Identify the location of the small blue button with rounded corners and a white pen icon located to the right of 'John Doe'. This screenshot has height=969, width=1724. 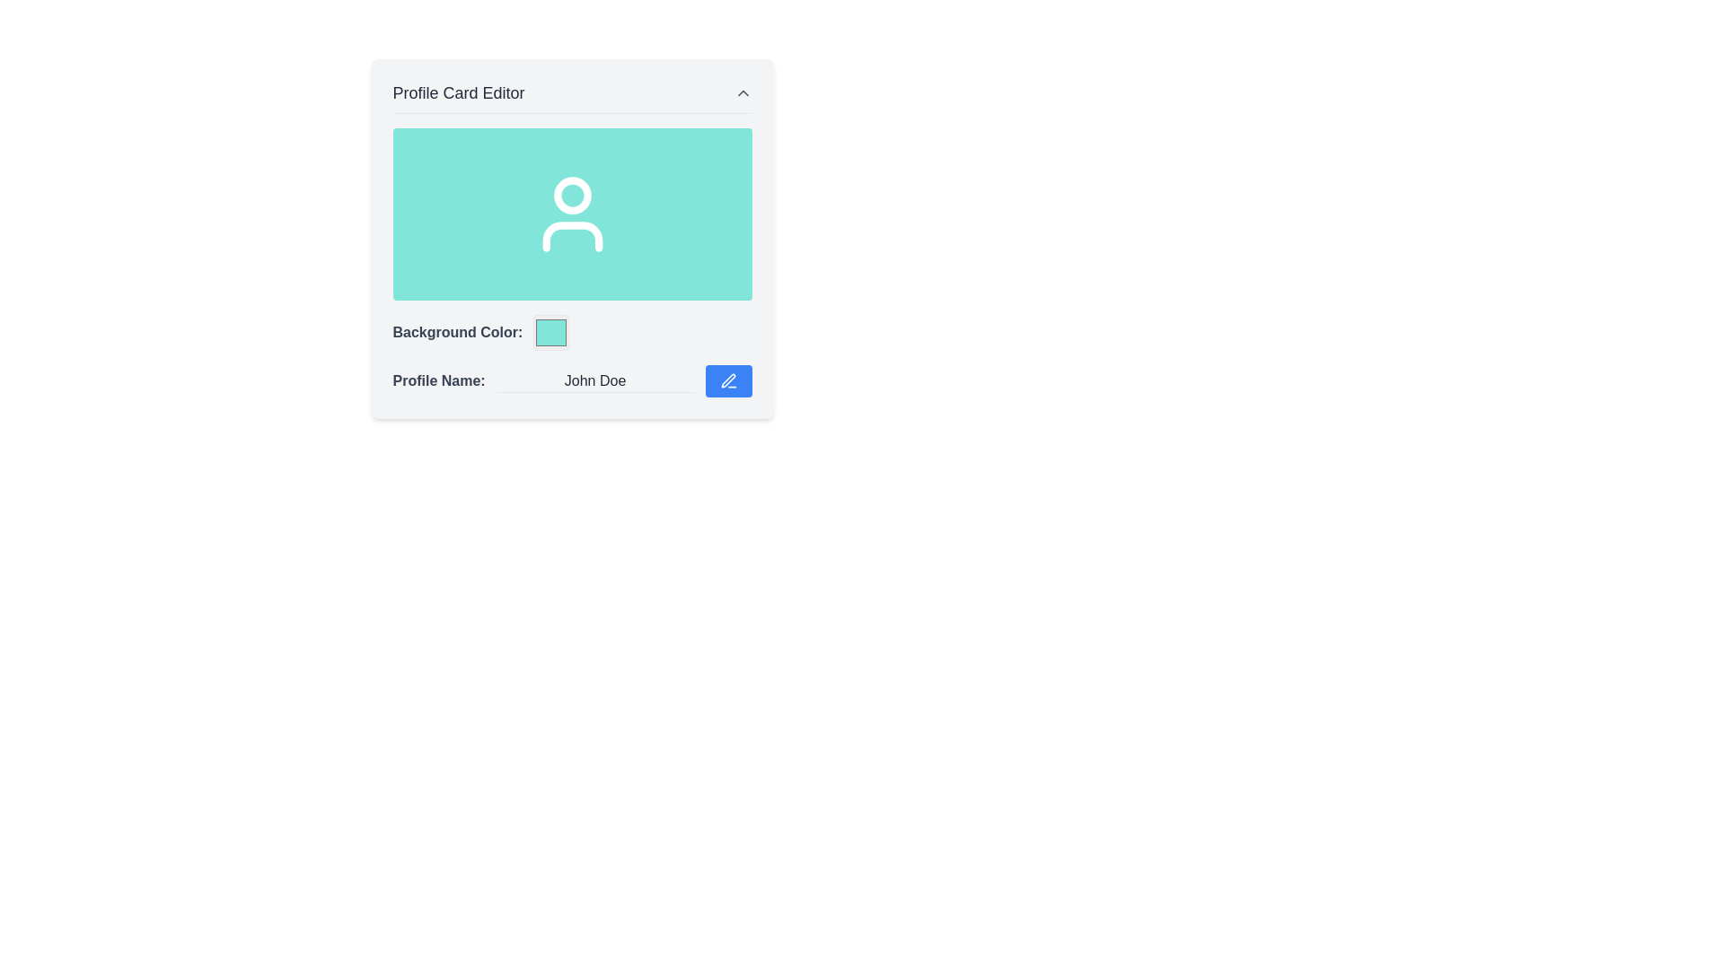
(728, 380).